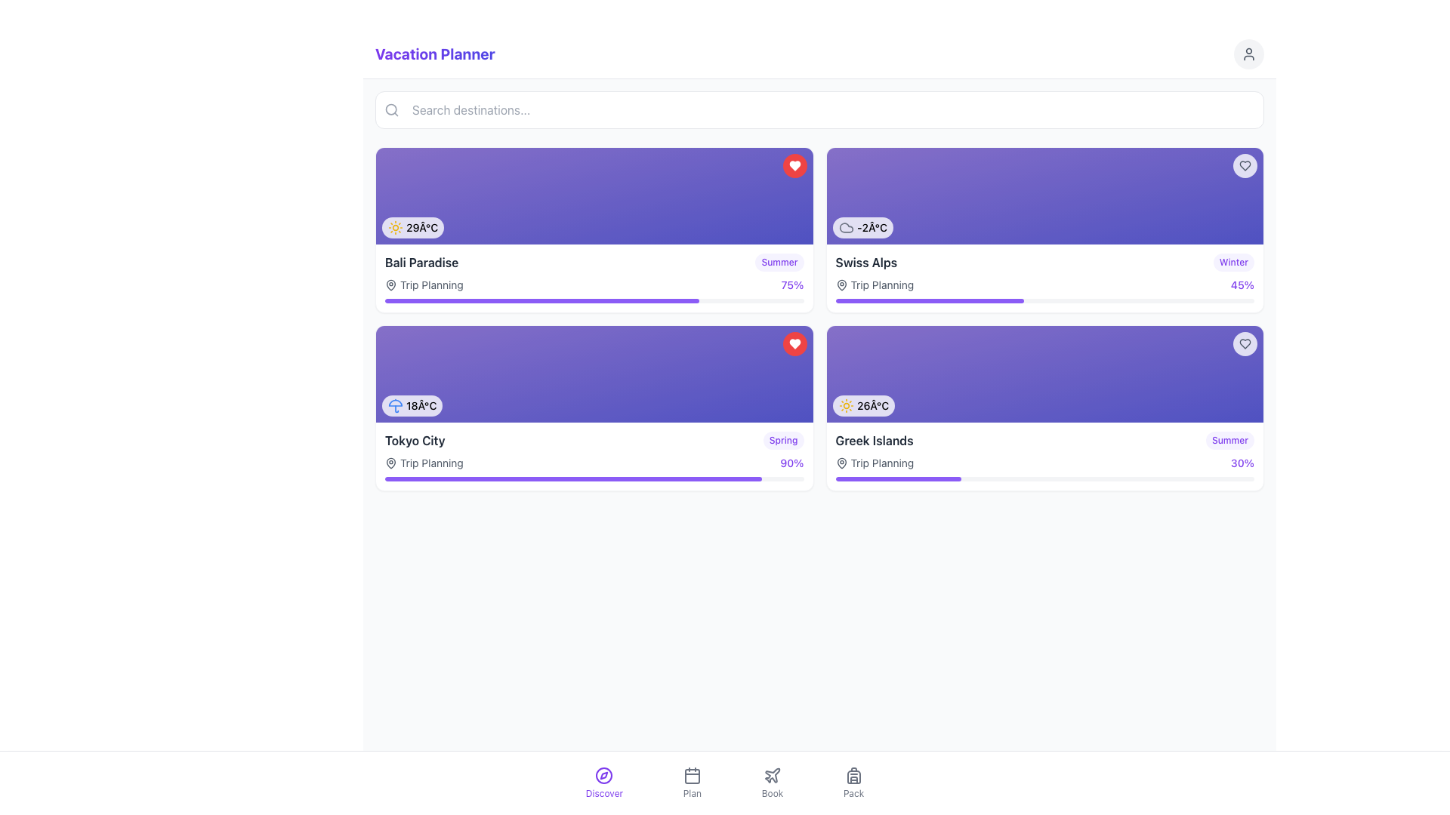 This screenshot has width=1450, height=815. Describe the element at coordinates (391, 109) in the screenshot. I see `the surrounding input field by interacting with the magnifying glass icon located inside the search bar to the left of the placeholder text 'Search destinations...'` at that location.